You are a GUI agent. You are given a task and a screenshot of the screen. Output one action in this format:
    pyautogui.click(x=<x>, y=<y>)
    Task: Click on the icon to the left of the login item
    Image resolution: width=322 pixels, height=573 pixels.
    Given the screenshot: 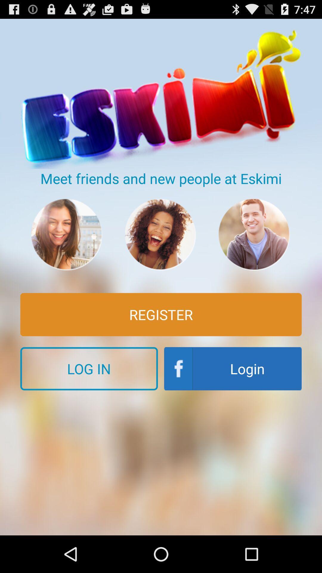 What is the action you would take?
    pyautogui.click(x=89, y=368)
    